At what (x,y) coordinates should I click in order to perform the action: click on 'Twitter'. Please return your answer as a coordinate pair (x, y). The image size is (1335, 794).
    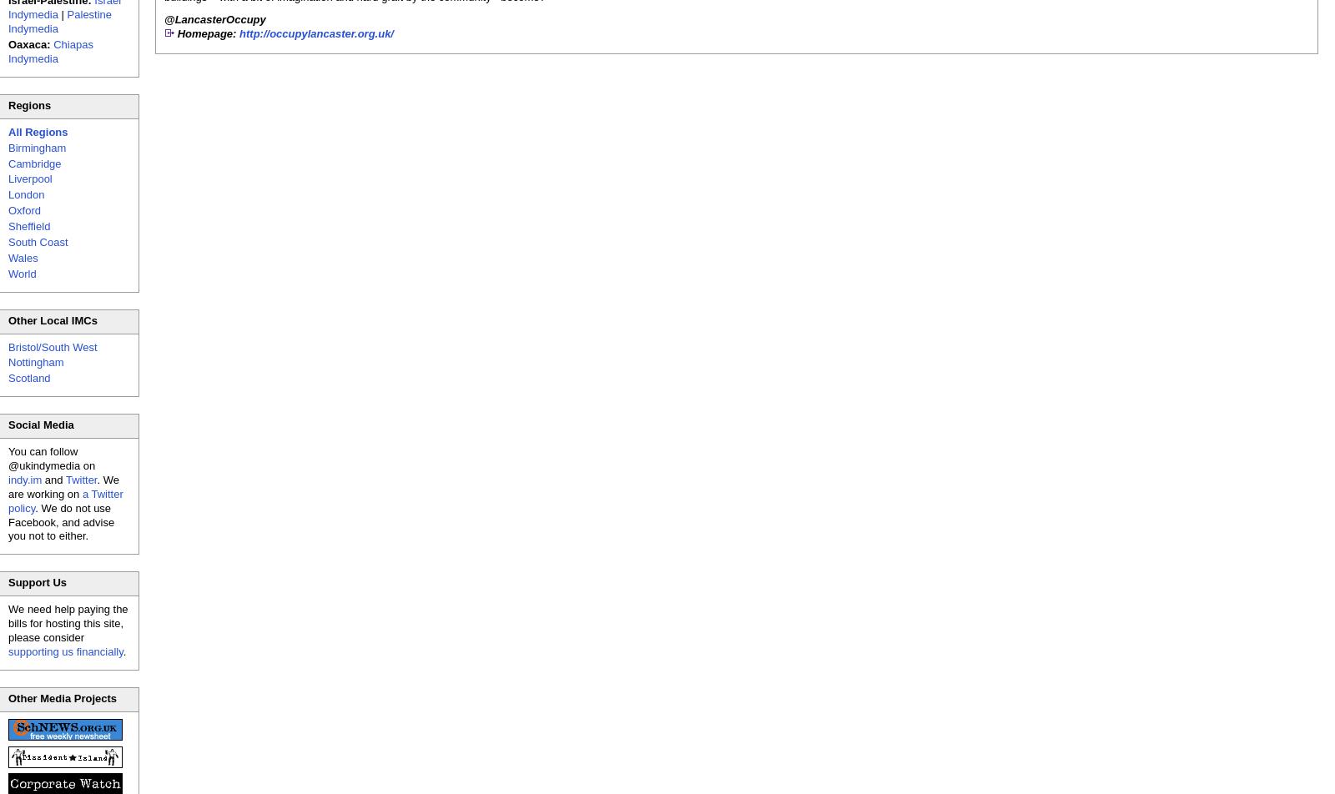
    Looking at the image, I should click on (79, 479).